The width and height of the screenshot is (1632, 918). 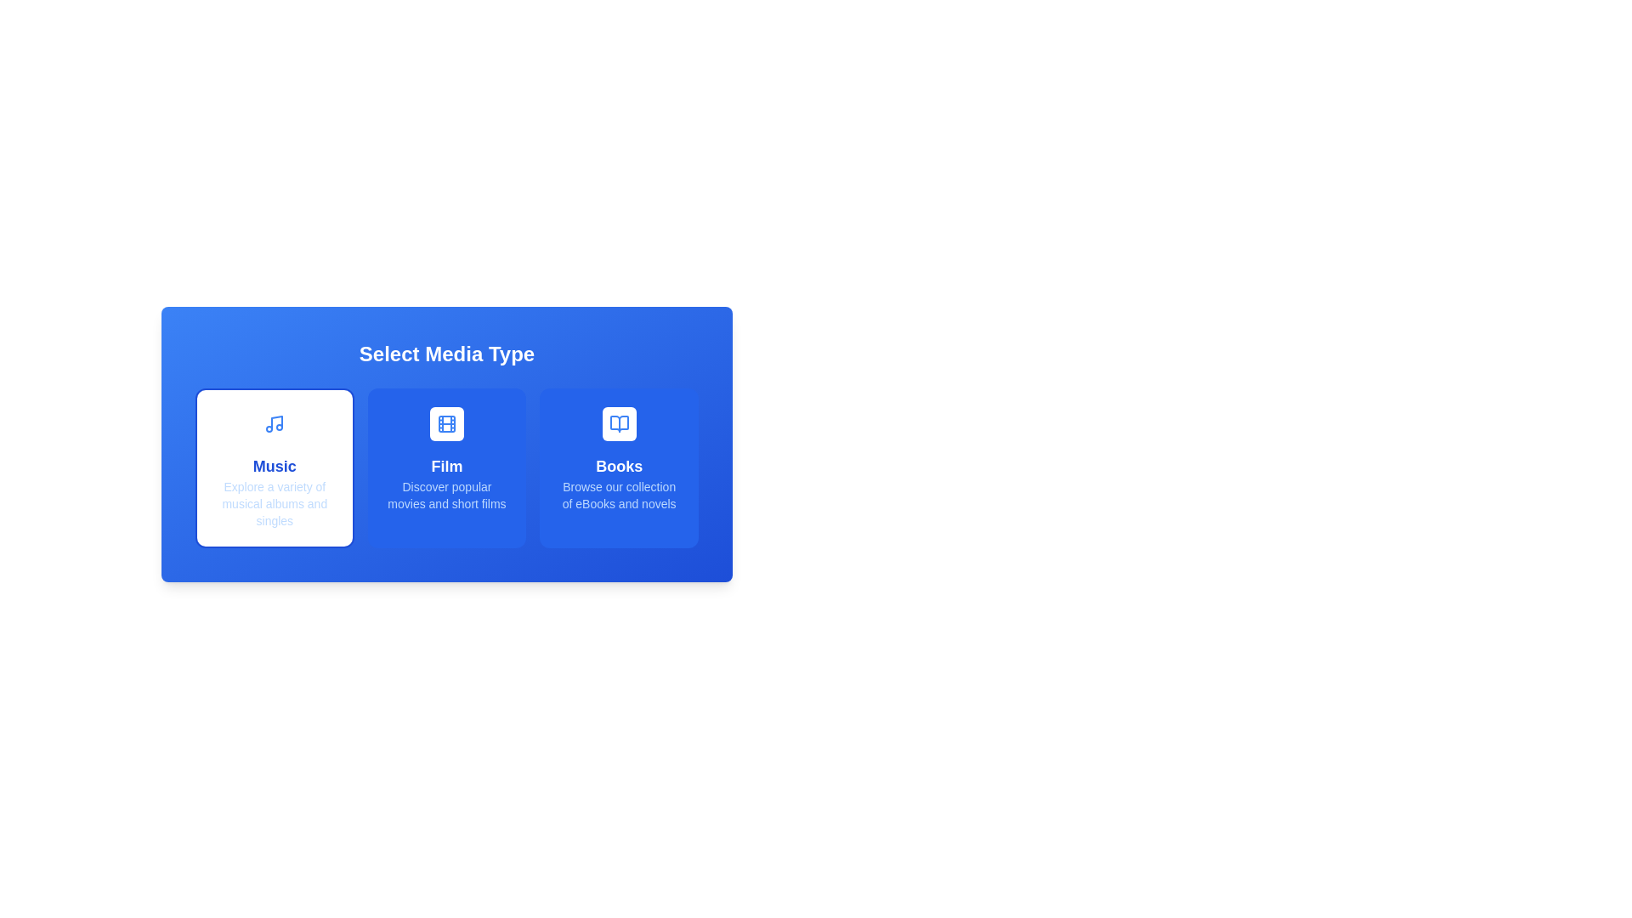 I want to click on the text element that provides a brief description for the 'Music' section, located underneath the large 'Music' title text, so click(x=275, y=503).